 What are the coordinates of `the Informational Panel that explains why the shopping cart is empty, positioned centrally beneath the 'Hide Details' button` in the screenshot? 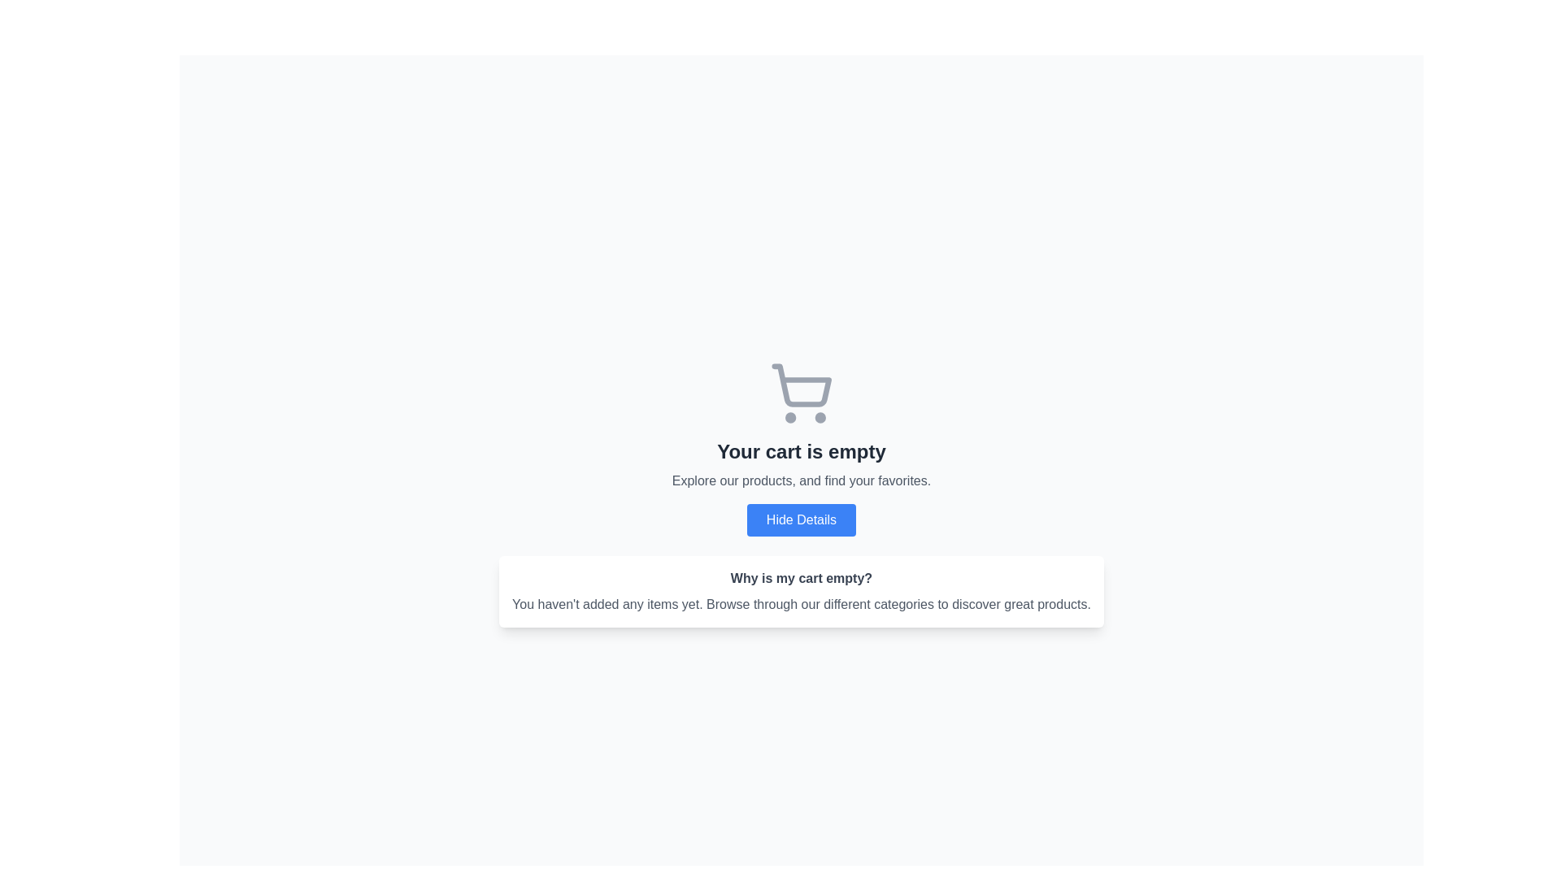 It's located at (801, 592).